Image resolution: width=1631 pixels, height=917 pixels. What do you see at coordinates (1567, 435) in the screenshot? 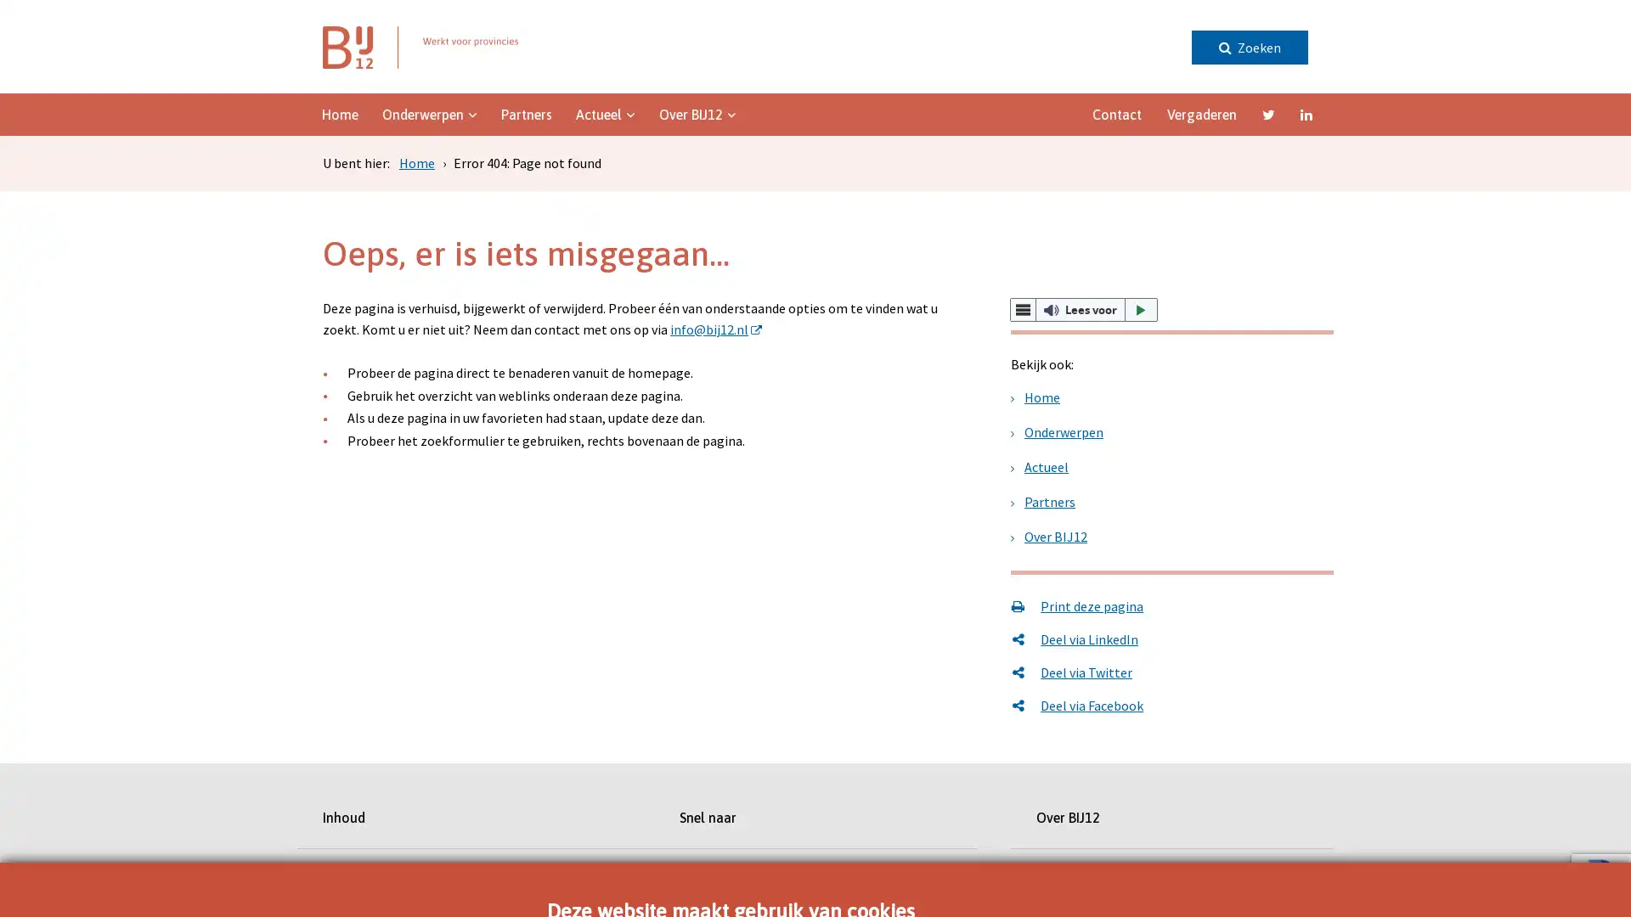
I see `Scroll naar de bovenkant van deze pagina` at bounding box center [1567, 435].